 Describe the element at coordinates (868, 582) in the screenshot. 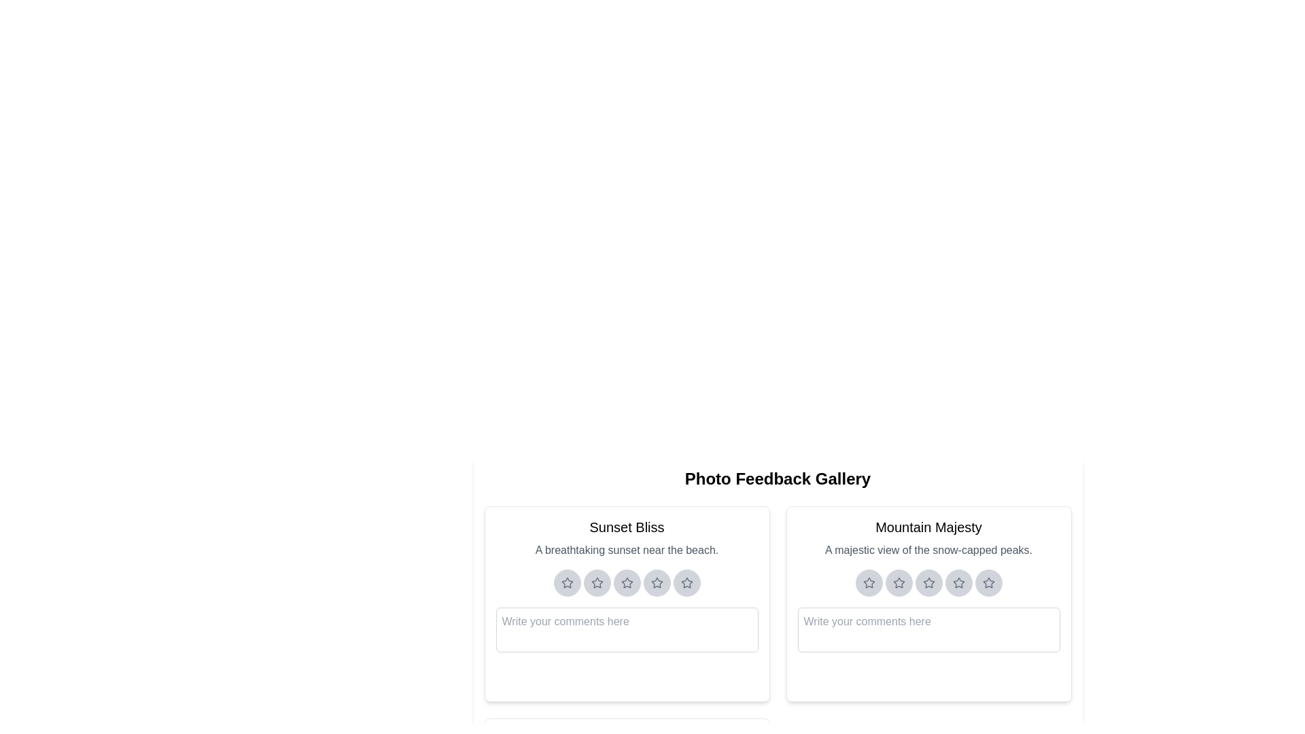

I see `the first star icon with a gray outline in the 'Mountain Majesty' card` at that location.